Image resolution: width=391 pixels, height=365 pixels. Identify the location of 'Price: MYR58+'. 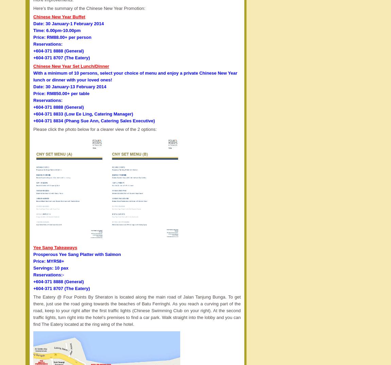
(48, 261).